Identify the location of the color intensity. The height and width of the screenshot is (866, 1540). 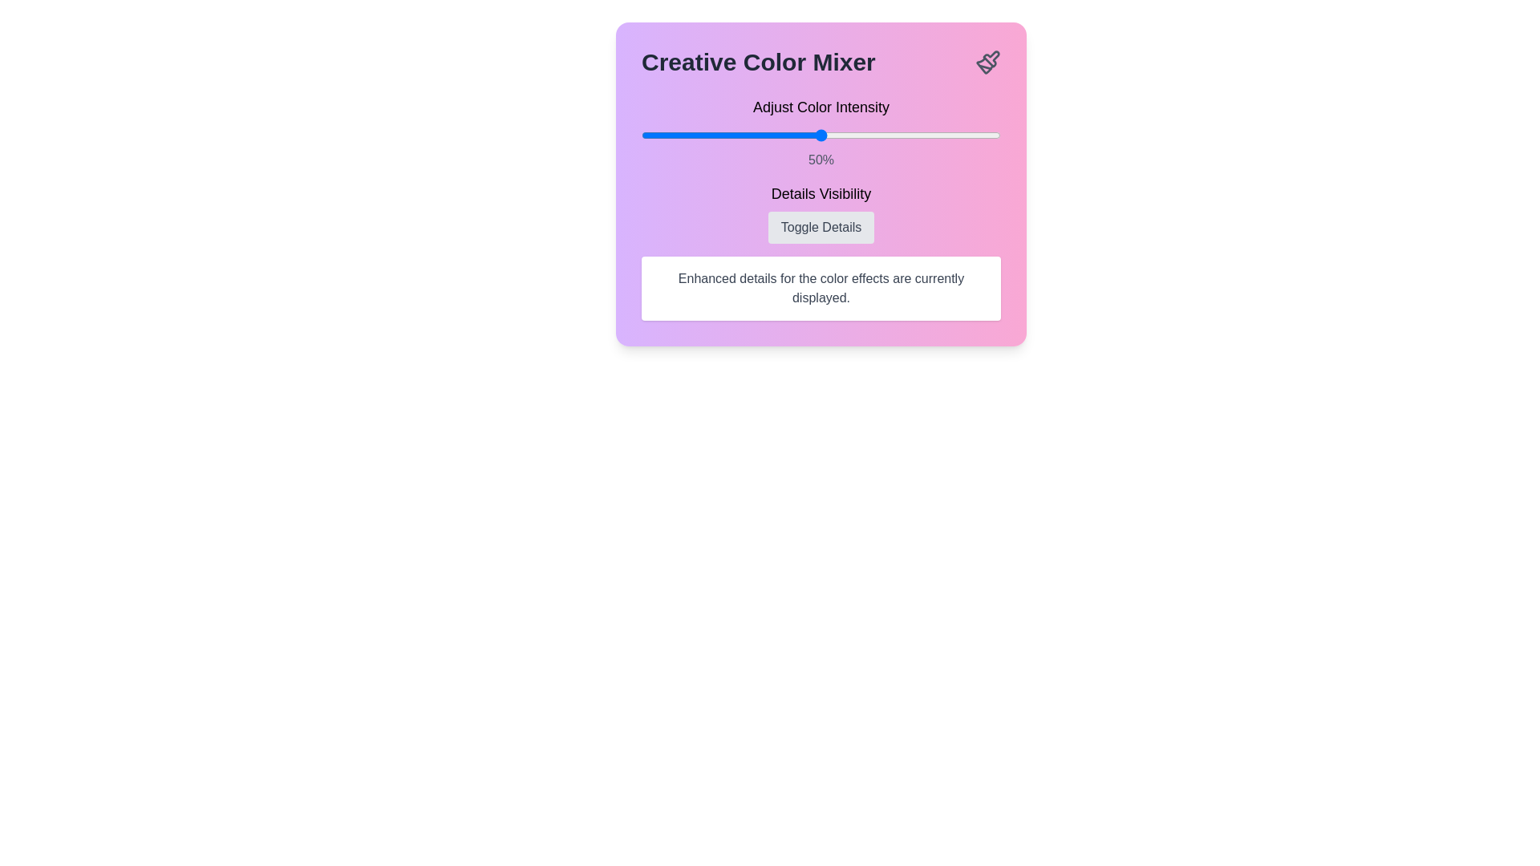
(838, 135).